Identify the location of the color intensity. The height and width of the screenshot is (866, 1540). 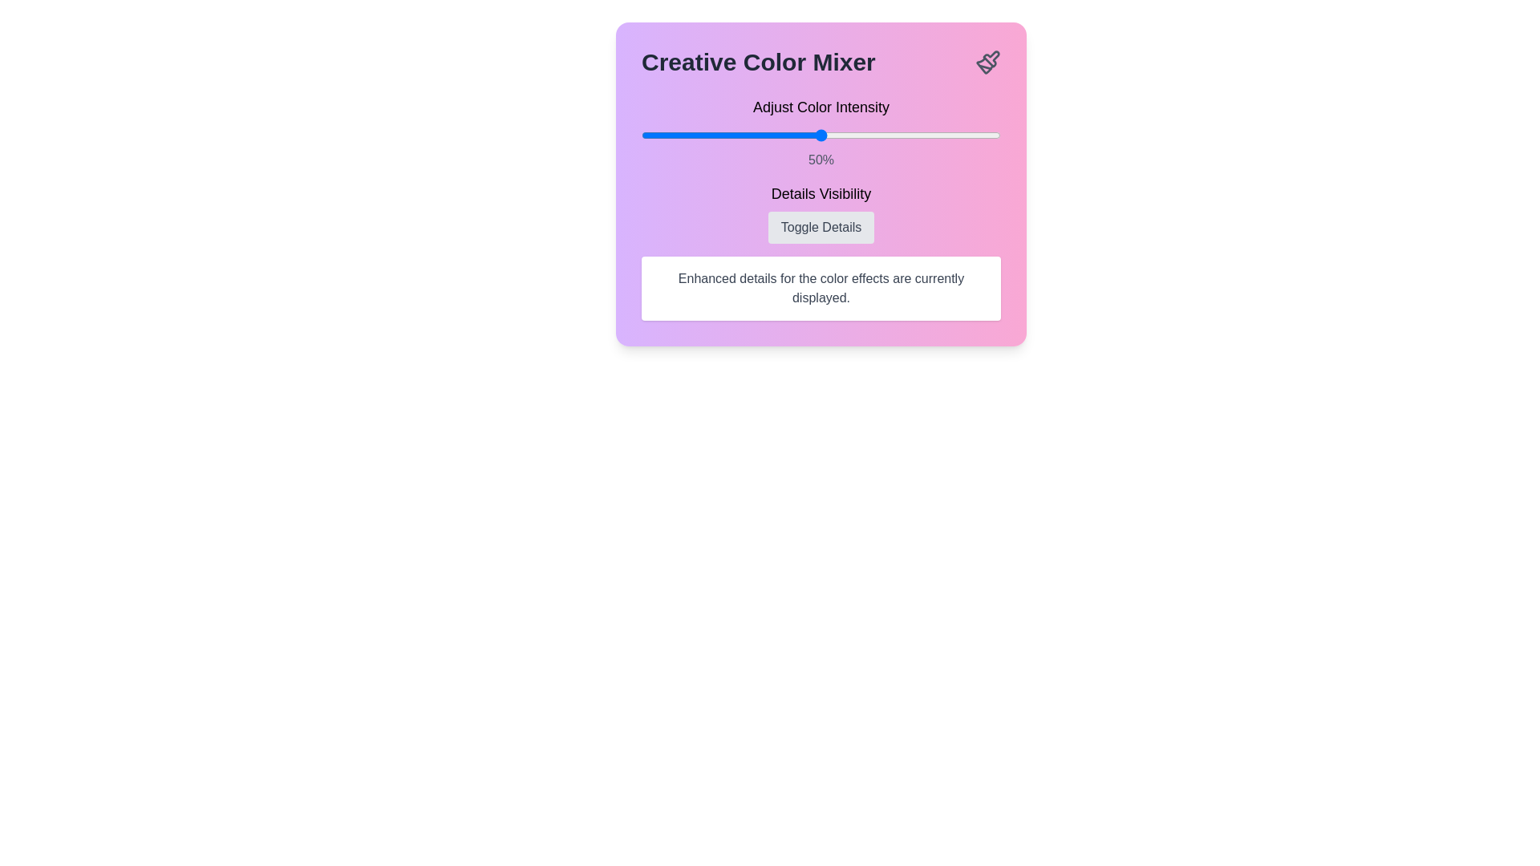
(838, 135).